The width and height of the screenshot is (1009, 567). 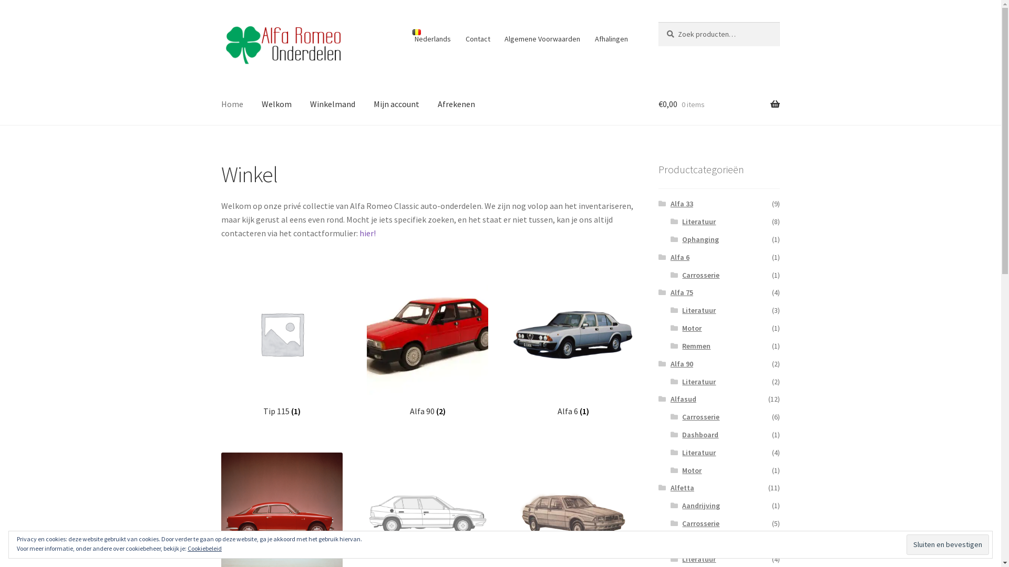 I want to click on 'Winkelmand', so click(x=332, y=104).